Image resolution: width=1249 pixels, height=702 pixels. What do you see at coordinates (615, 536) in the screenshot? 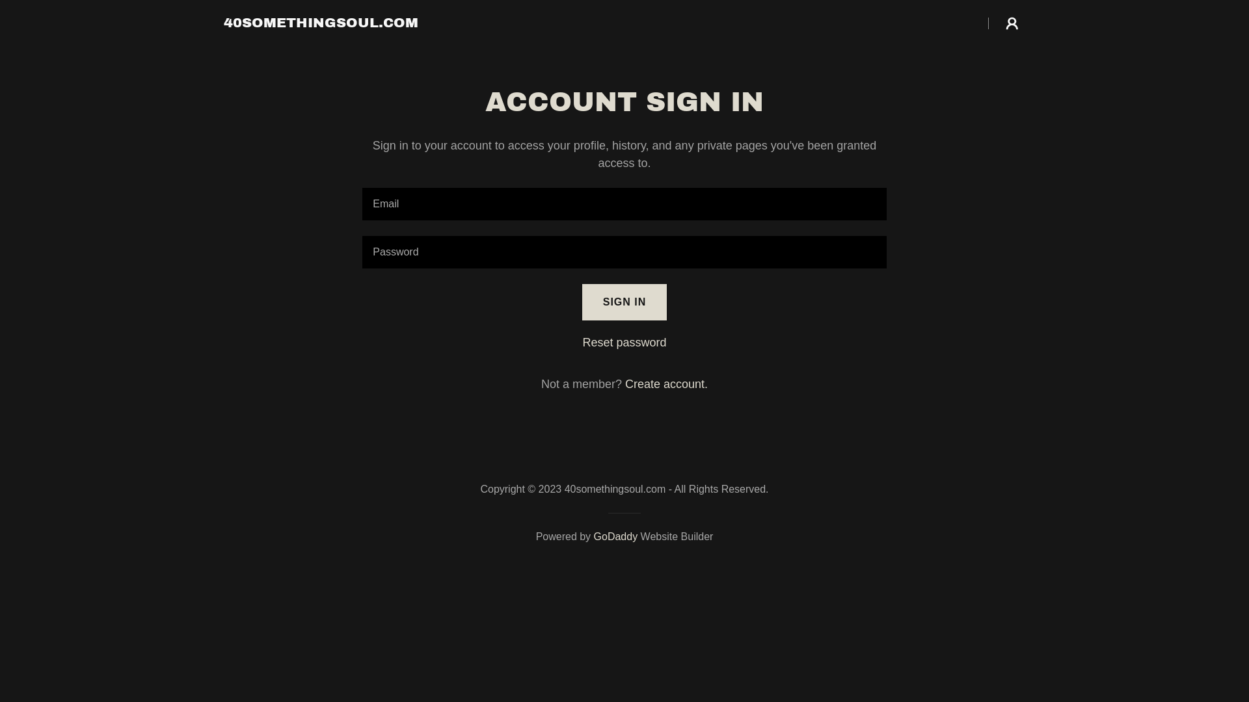
I see `'GoDaddy'` at bounding box center [615, 536].